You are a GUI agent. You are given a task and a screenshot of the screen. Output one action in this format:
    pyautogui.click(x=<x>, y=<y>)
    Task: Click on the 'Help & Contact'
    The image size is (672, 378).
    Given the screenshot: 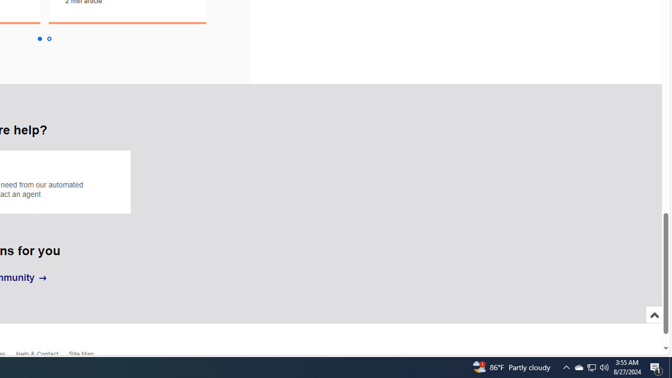 What is the action you would take?
    pyautogui.click(x=42, y=356)
    